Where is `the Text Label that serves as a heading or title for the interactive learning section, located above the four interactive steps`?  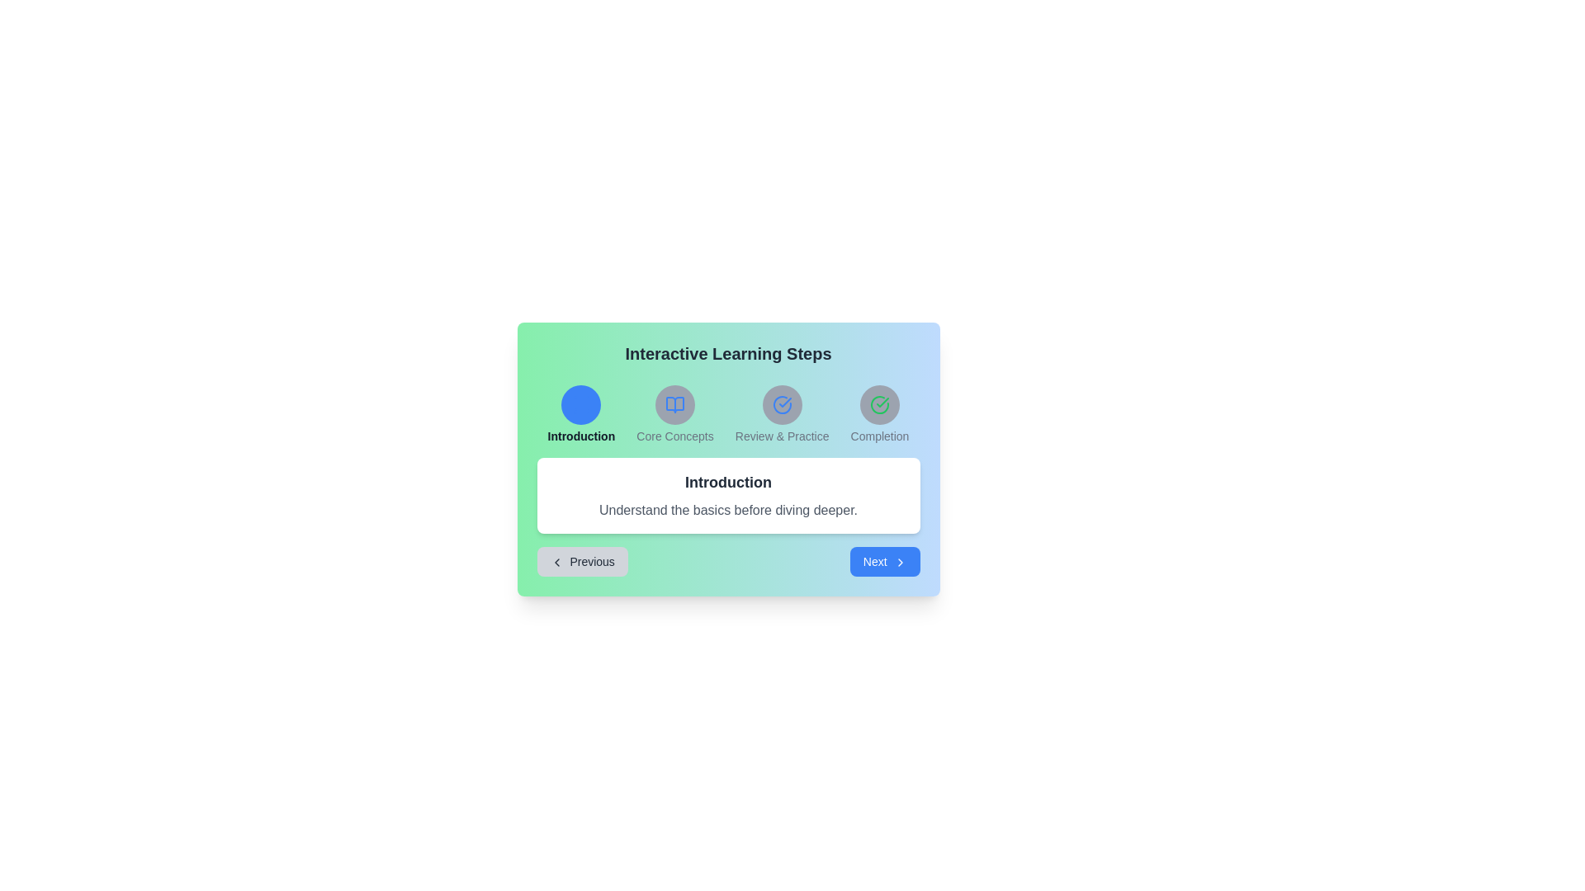
the Text Label that serves as a heading or title for the interactive learning section, located above the four interactive steps is located at coordinates (727, 352).